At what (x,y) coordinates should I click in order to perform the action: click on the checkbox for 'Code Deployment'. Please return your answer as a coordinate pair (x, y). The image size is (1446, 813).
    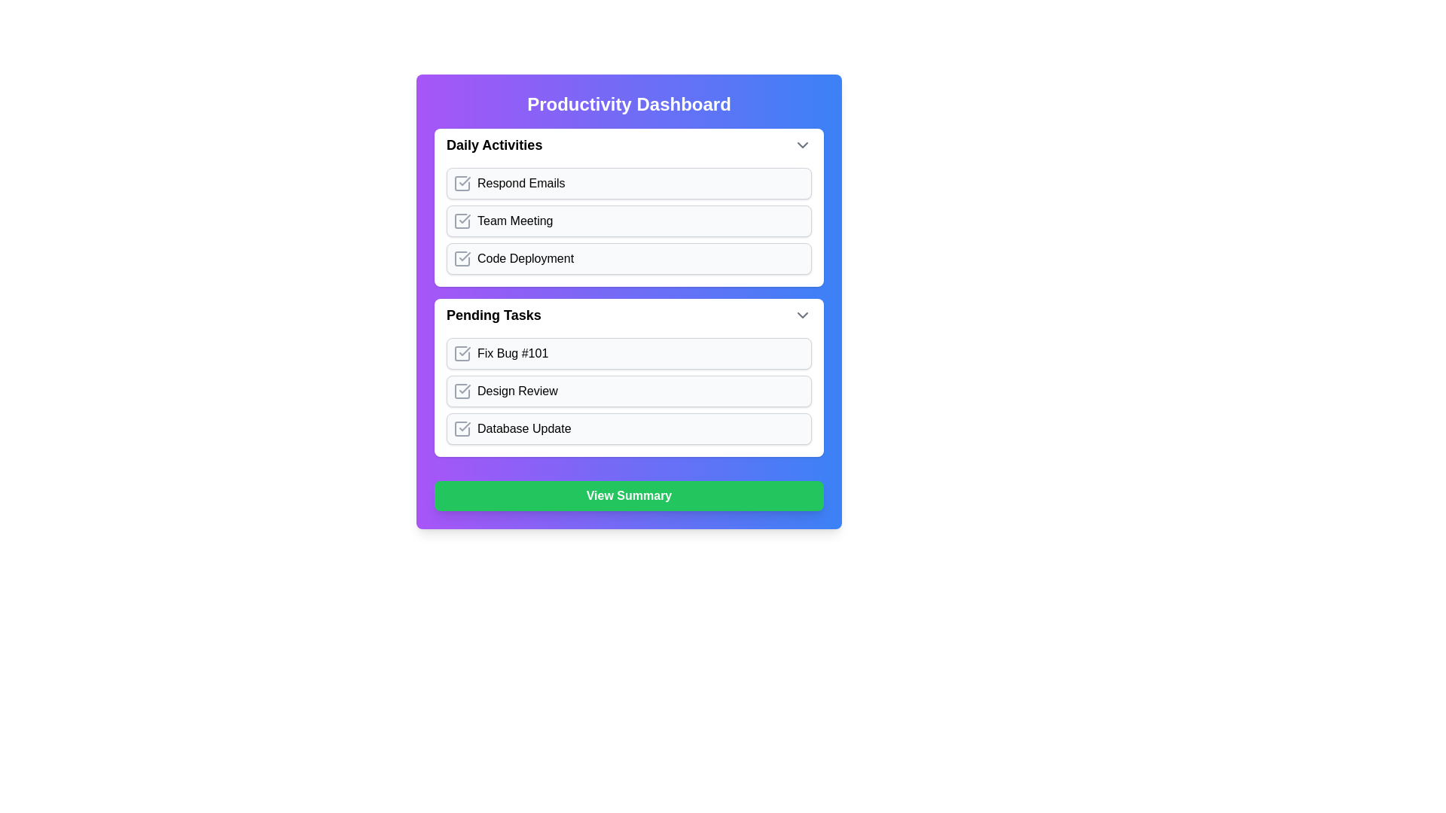
    Looking at the image, I should click on (629, 257).